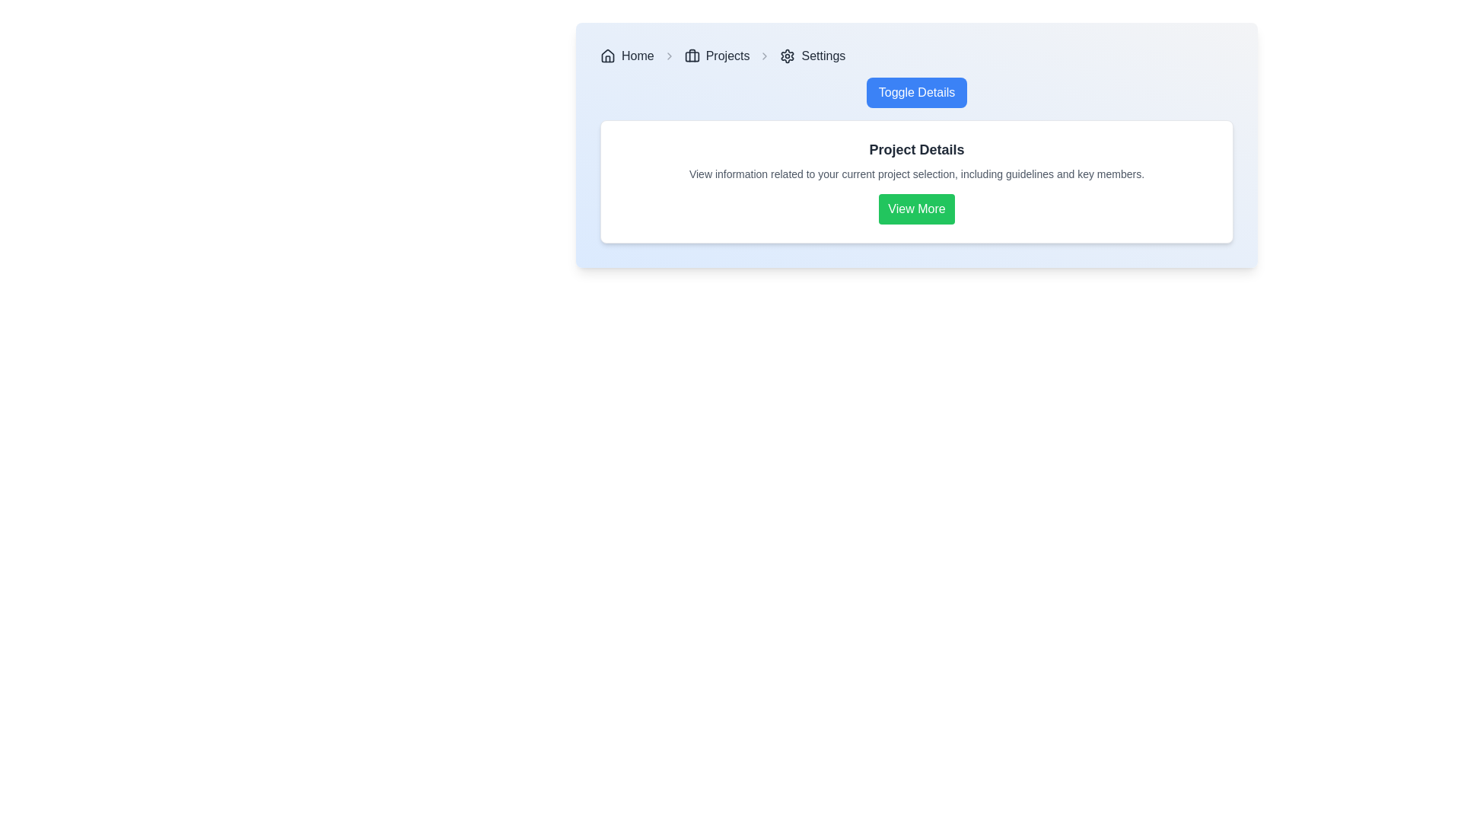 This screenshot has width=1461, height=822. I want to click on the text label displaying 'Projects', which is styled with medium font weight and is part of the breadcrumb navigation bar, located to the right of a briefcase icon, so click(727, 55).